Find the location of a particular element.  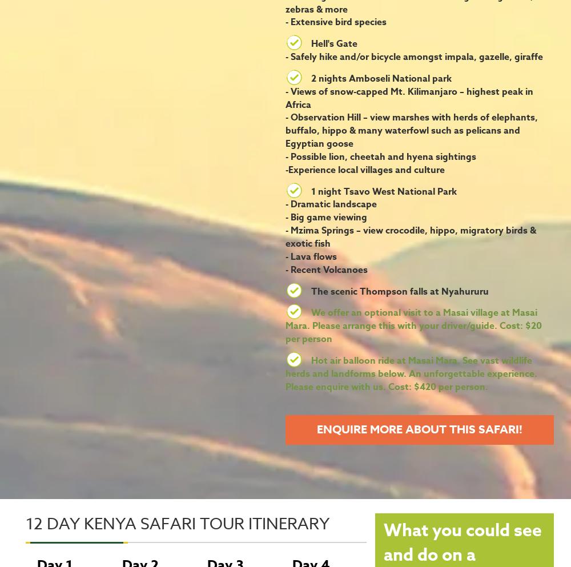

'- Big game viewing' is located at coordinates (325, 218).